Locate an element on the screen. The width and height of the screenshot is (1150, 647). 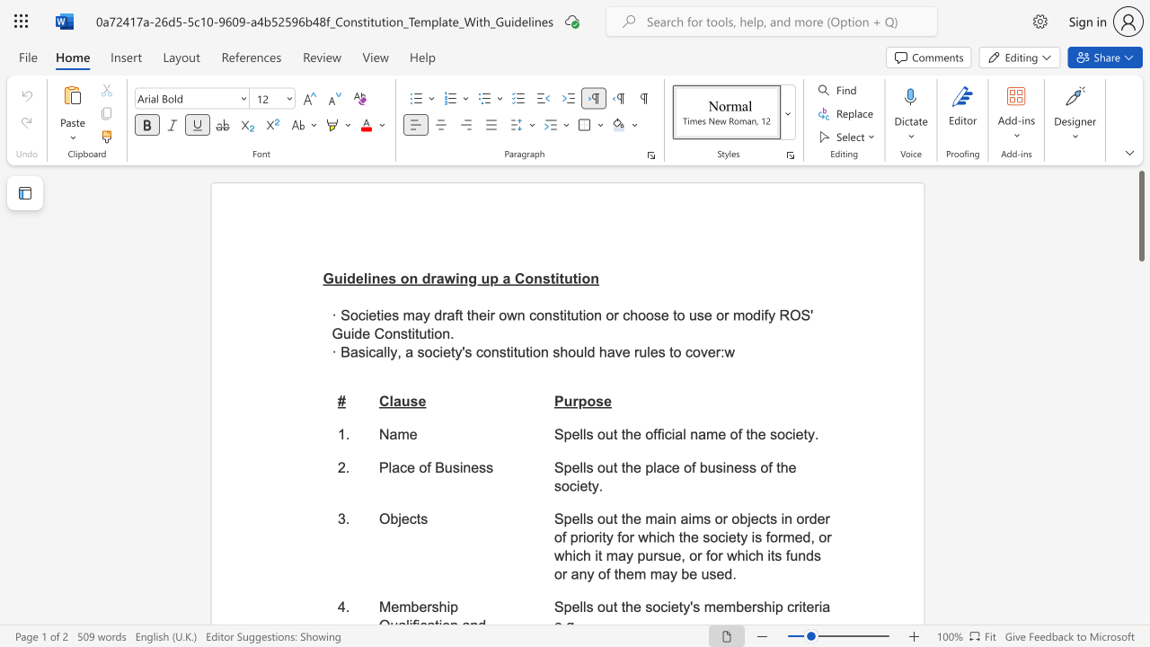
the page's right scrollbar for downward movement is located at coordinates (1140, 448).